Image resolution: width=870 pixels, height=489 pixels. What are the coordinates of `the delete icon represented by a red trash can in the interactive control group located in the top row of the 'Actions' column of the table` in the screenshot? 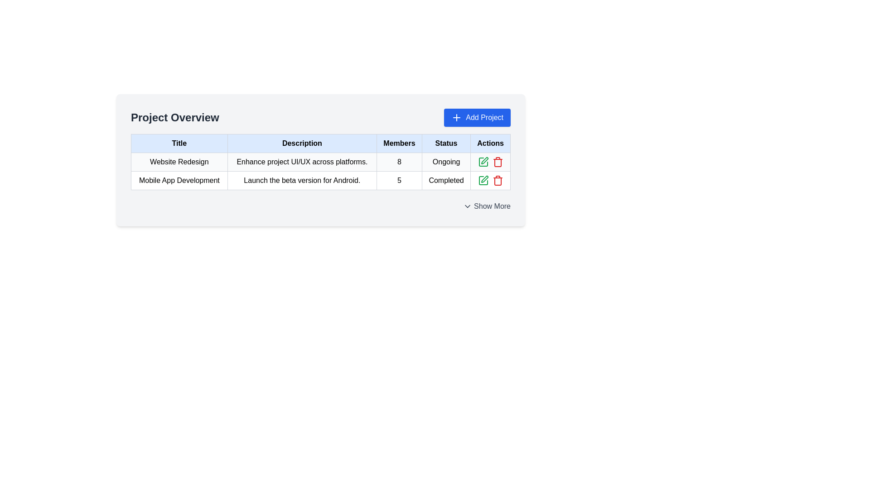 It's located at (490, 162).